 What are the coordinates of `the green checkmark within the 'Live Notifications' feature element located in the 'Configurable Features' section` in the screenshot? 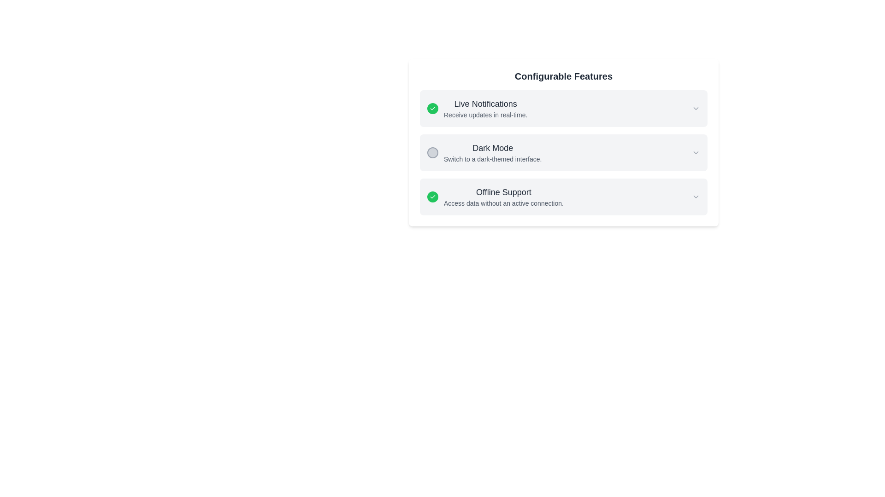 It's located at (563, 108).